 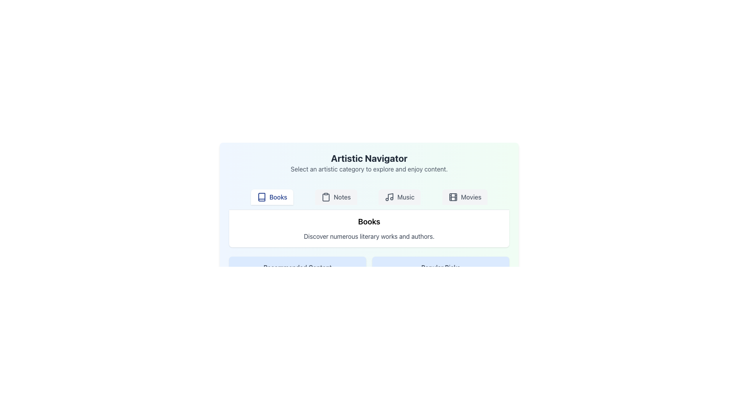 What do you see at coordinates (400, 196) in the screenshot?
I see `the 'Music' button, which features a musical note icon and is the third button in a row of four options labeled 'Books', 'Notes', 'Music', and 'Movies'` at bounding box center [400, 196].